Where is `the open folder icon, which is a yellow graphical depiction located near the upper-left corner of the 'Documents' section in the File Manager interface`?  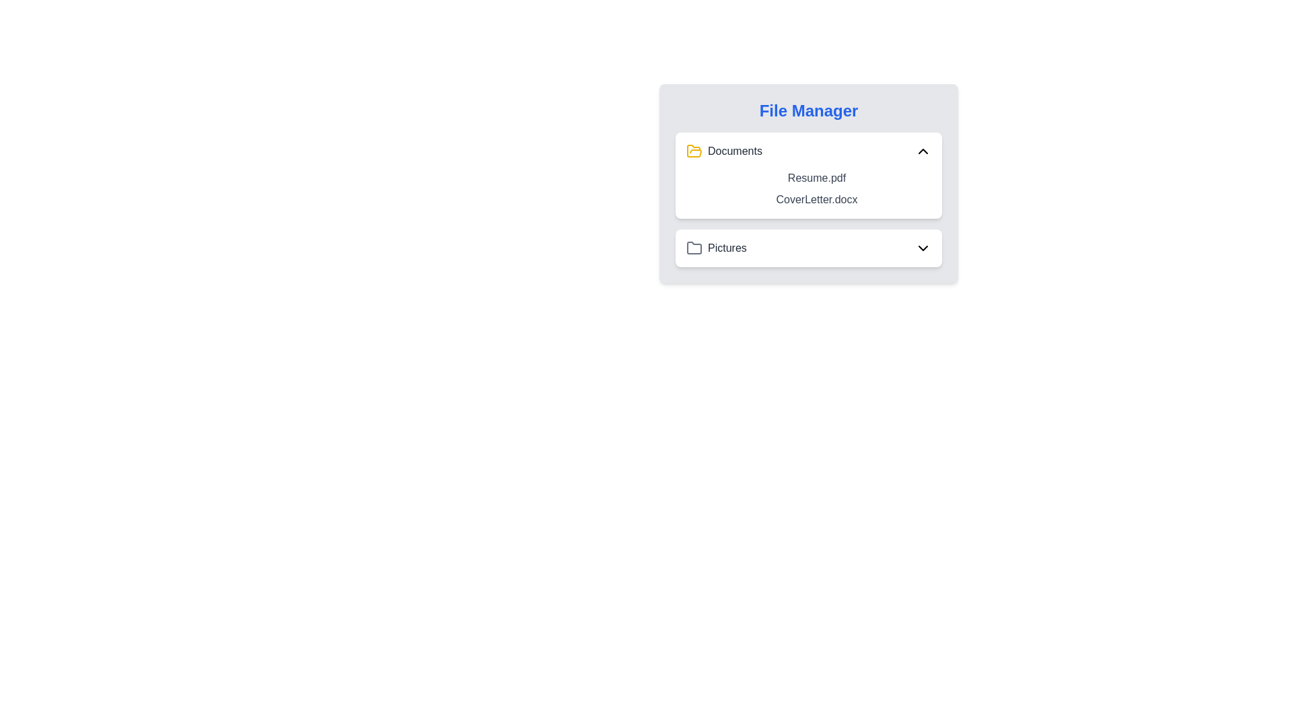 the open folder icon, which is a yellow graphical depiction located near the upper-left corner of the 'Documents' section in the File Manager interface is located at coordinates (694, 151).